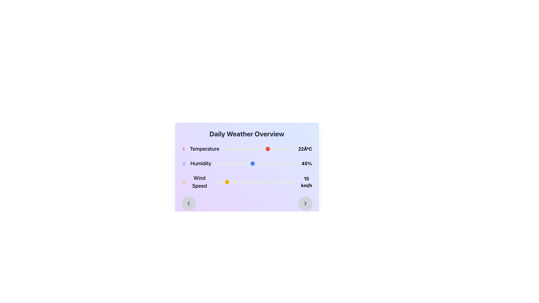 Image resolution: width=539 pixels, height=303 pixels. Describe the element at coordinates (268, 163) in the screenshot. I see `the humidity level` at that location.